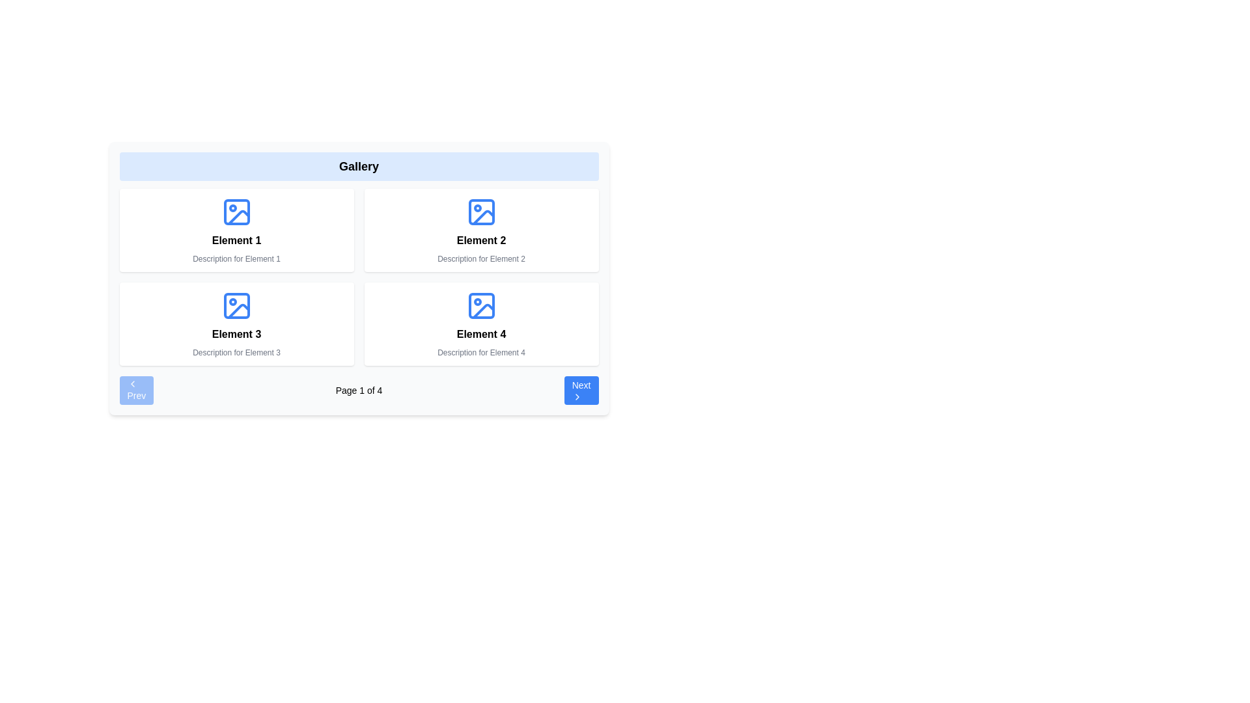  I want to click on the text label that serves as a title in the second column of the first row, positioned above a smaller label saying 'Description for Element 2', so click(480, 241).